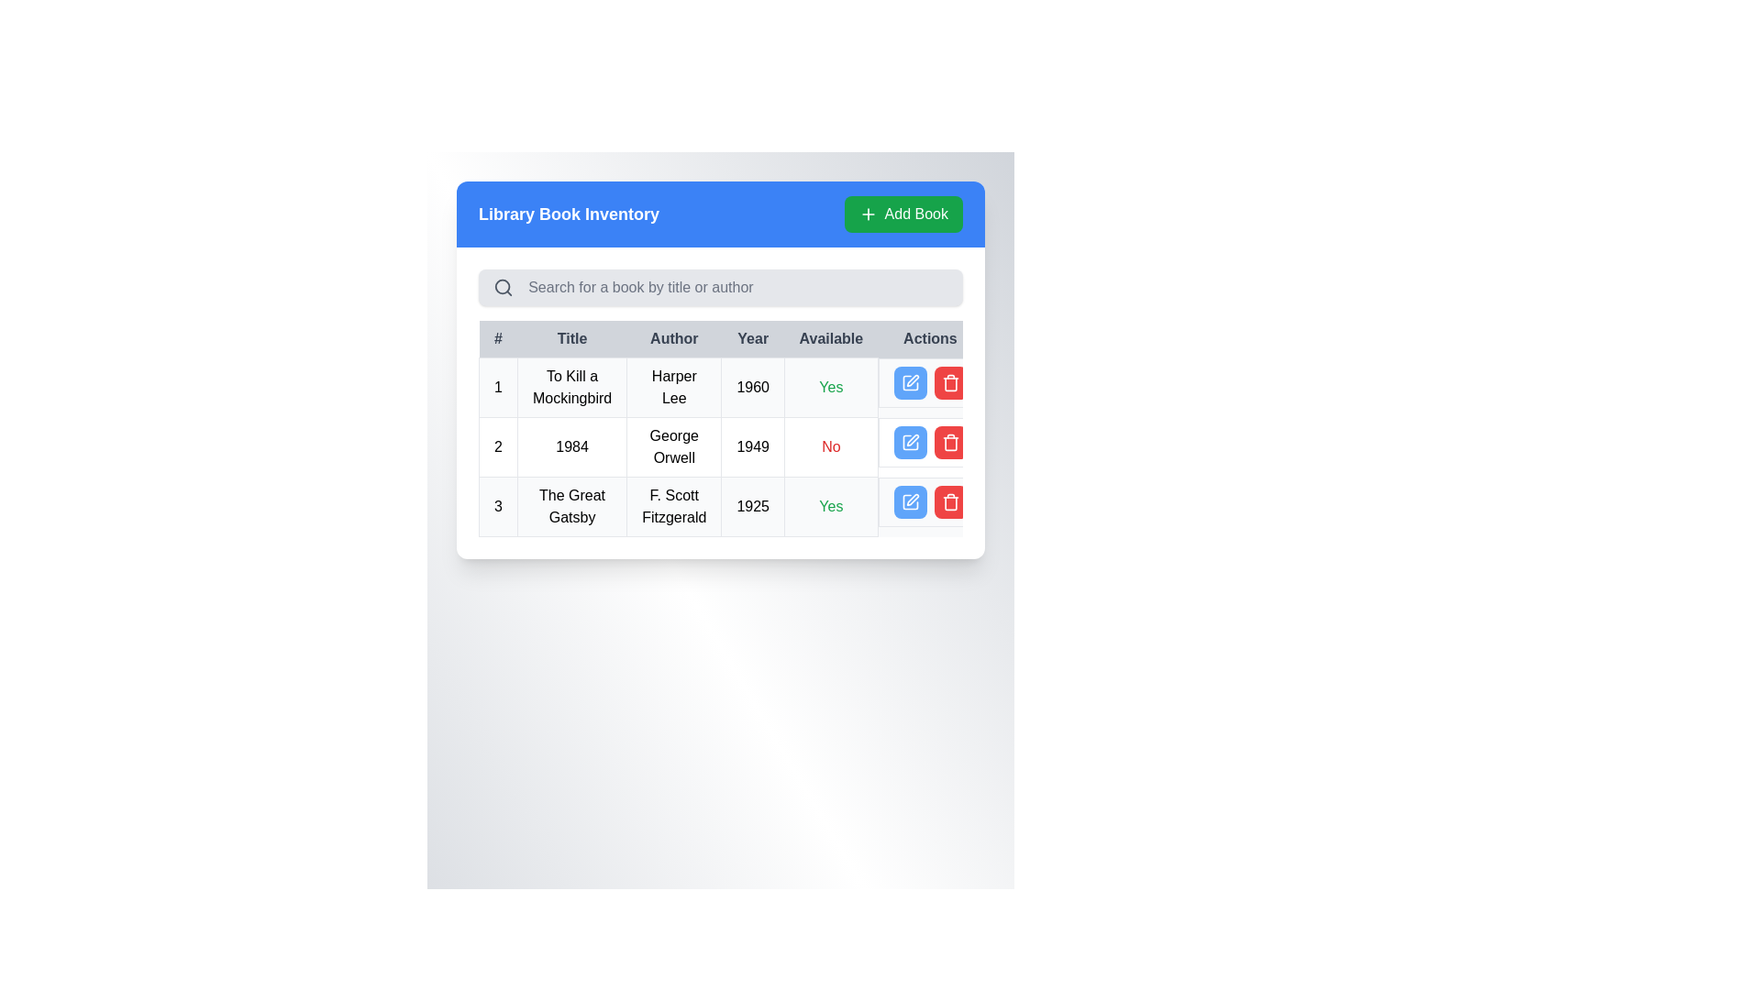 The image size is (1761, 990). What do you see at coordinates (950, 501) in the screenshot?
I see `the red button with a trash can icon for deleting 'The Great Gatsby' in the Actions column` at bounding box center [950, 501].